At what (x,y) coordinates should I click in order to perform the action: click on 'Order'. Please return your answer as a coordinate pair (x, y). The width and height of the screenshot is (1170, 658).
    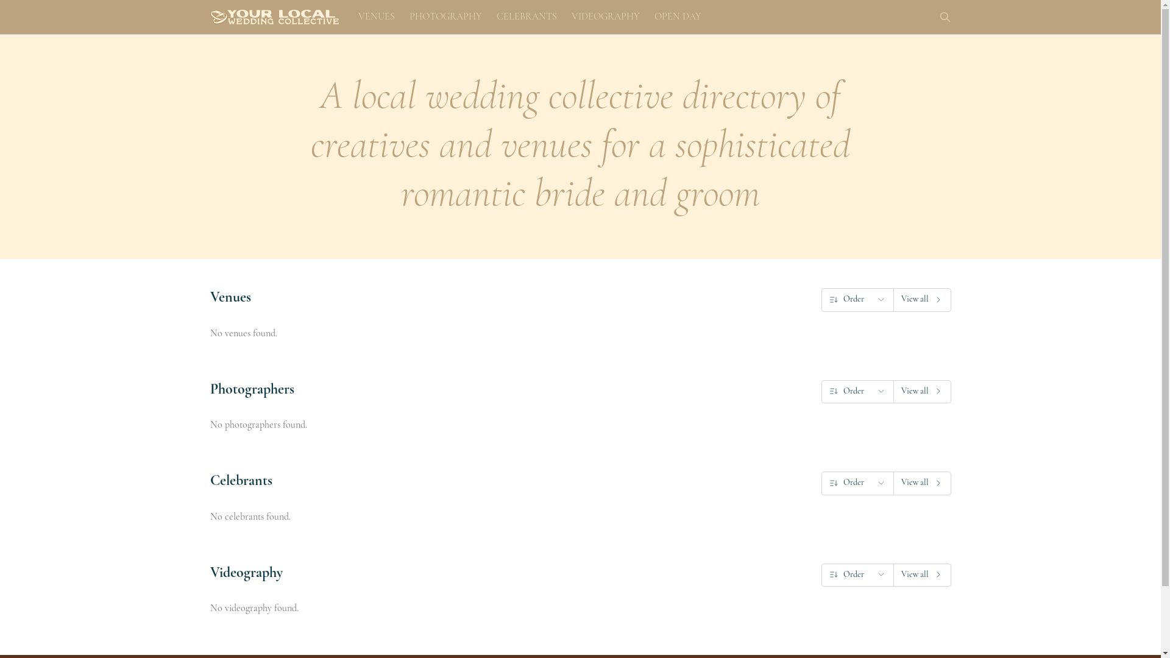
    Looking at the image, I should click on (856, 300).